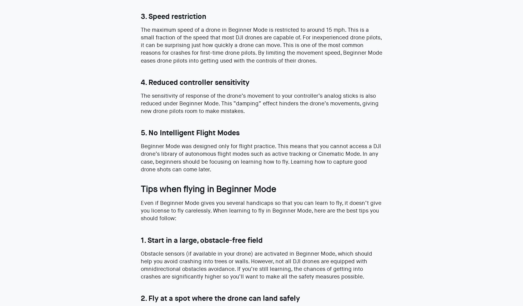 The width and height of the screenshot is (523, 306). What do you see at coordinates (259, 103) in the screenshot?
I see `'The sensitivity of response of the drone’s movement to your controller’s analog sticks is also reduced under Beginner Mode. This “damping” effect hinders the drone’s movements, giving new drone pilots room to make mistakes.'` at bounding box center [259, 103].